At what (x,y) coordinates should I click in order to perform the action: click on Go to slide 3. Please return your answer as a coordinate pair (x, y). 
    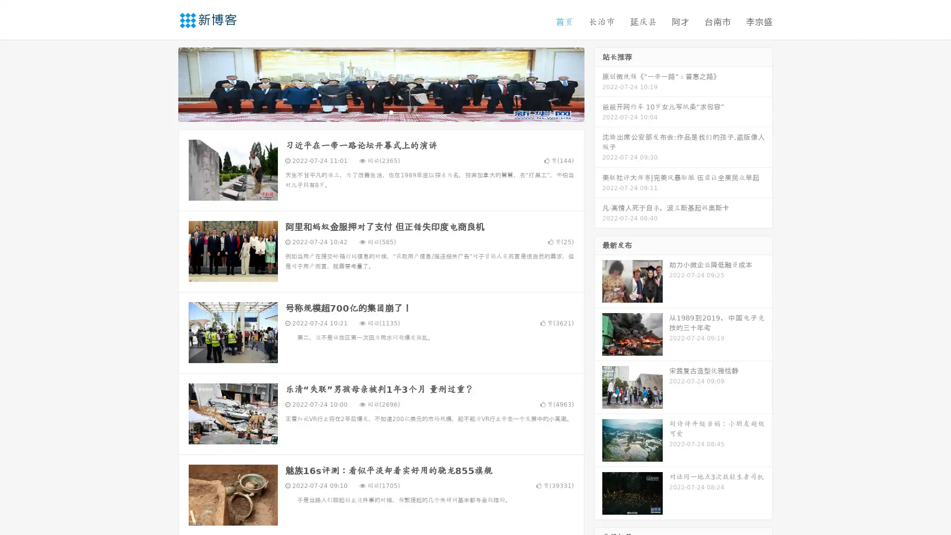
    Looking at the image, I should click on (391, 111).